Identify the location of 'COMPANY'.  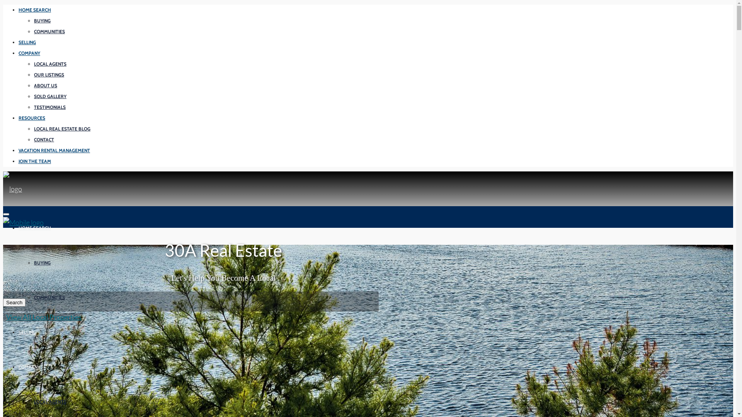
(29, 53).